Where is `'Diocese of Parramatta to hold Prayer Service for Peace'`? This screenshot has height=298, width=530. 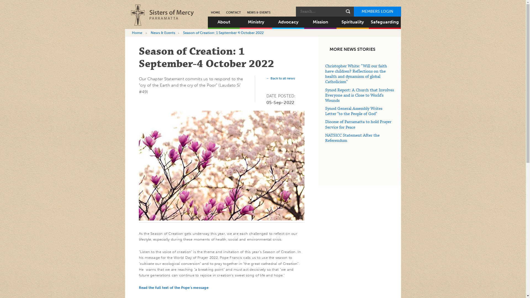 'Diocese of Parramatta to hold Prayer Service for Peace' is located at coordinates (325, 124).